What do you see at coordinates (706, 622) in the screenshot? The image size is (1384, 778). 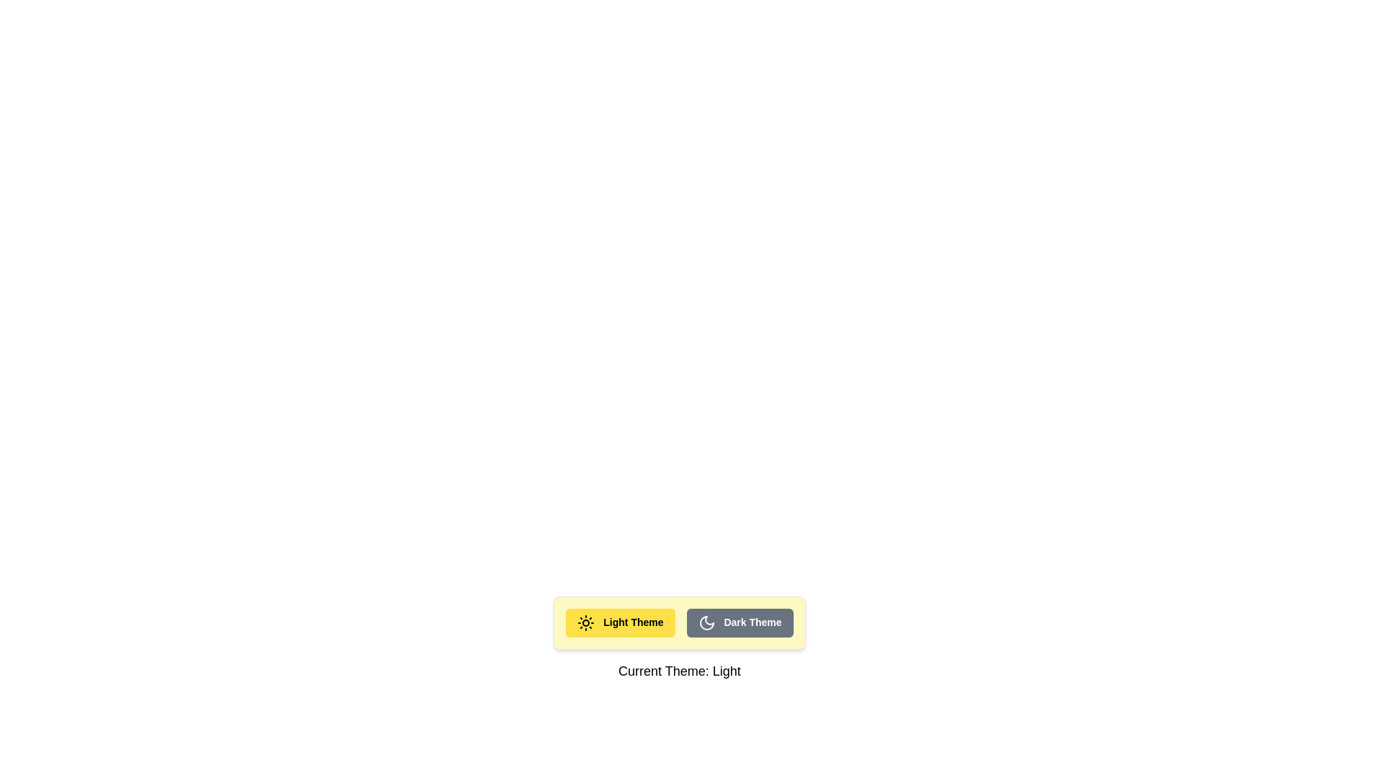 I see `the minimalist moon icon within the dark theme button` at bounding box center [706, 622].